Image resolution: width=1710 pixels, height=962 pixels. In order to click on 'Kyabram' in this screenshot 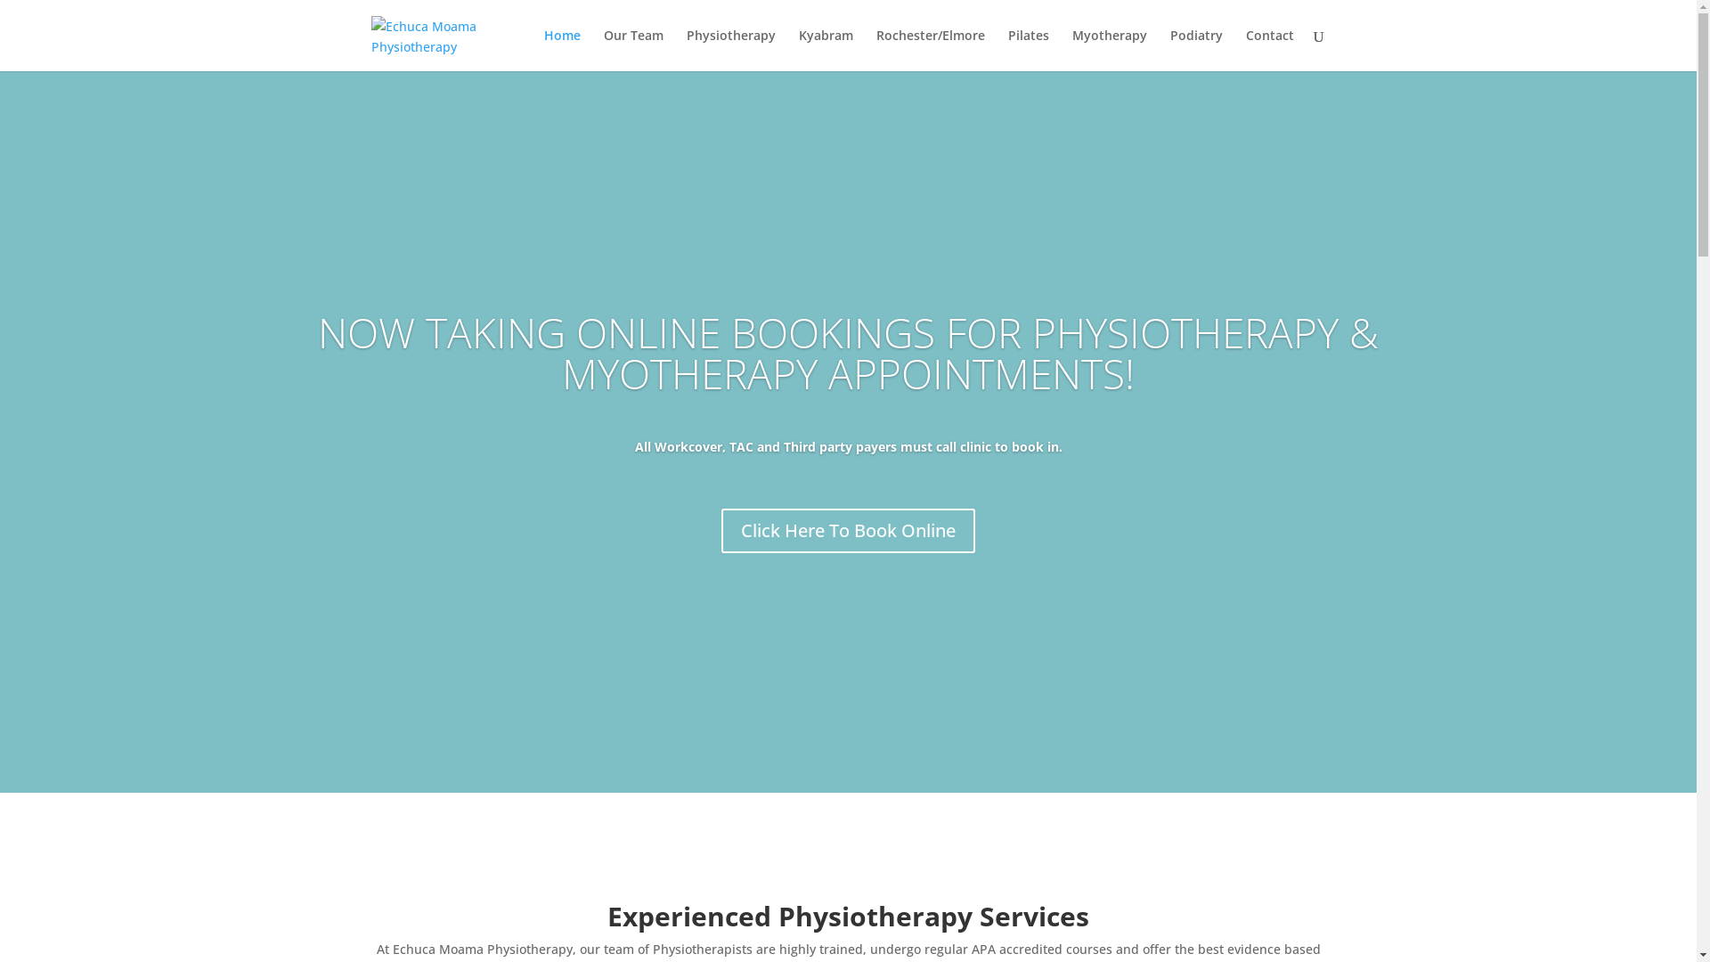, I will do `click(824, 49)`.